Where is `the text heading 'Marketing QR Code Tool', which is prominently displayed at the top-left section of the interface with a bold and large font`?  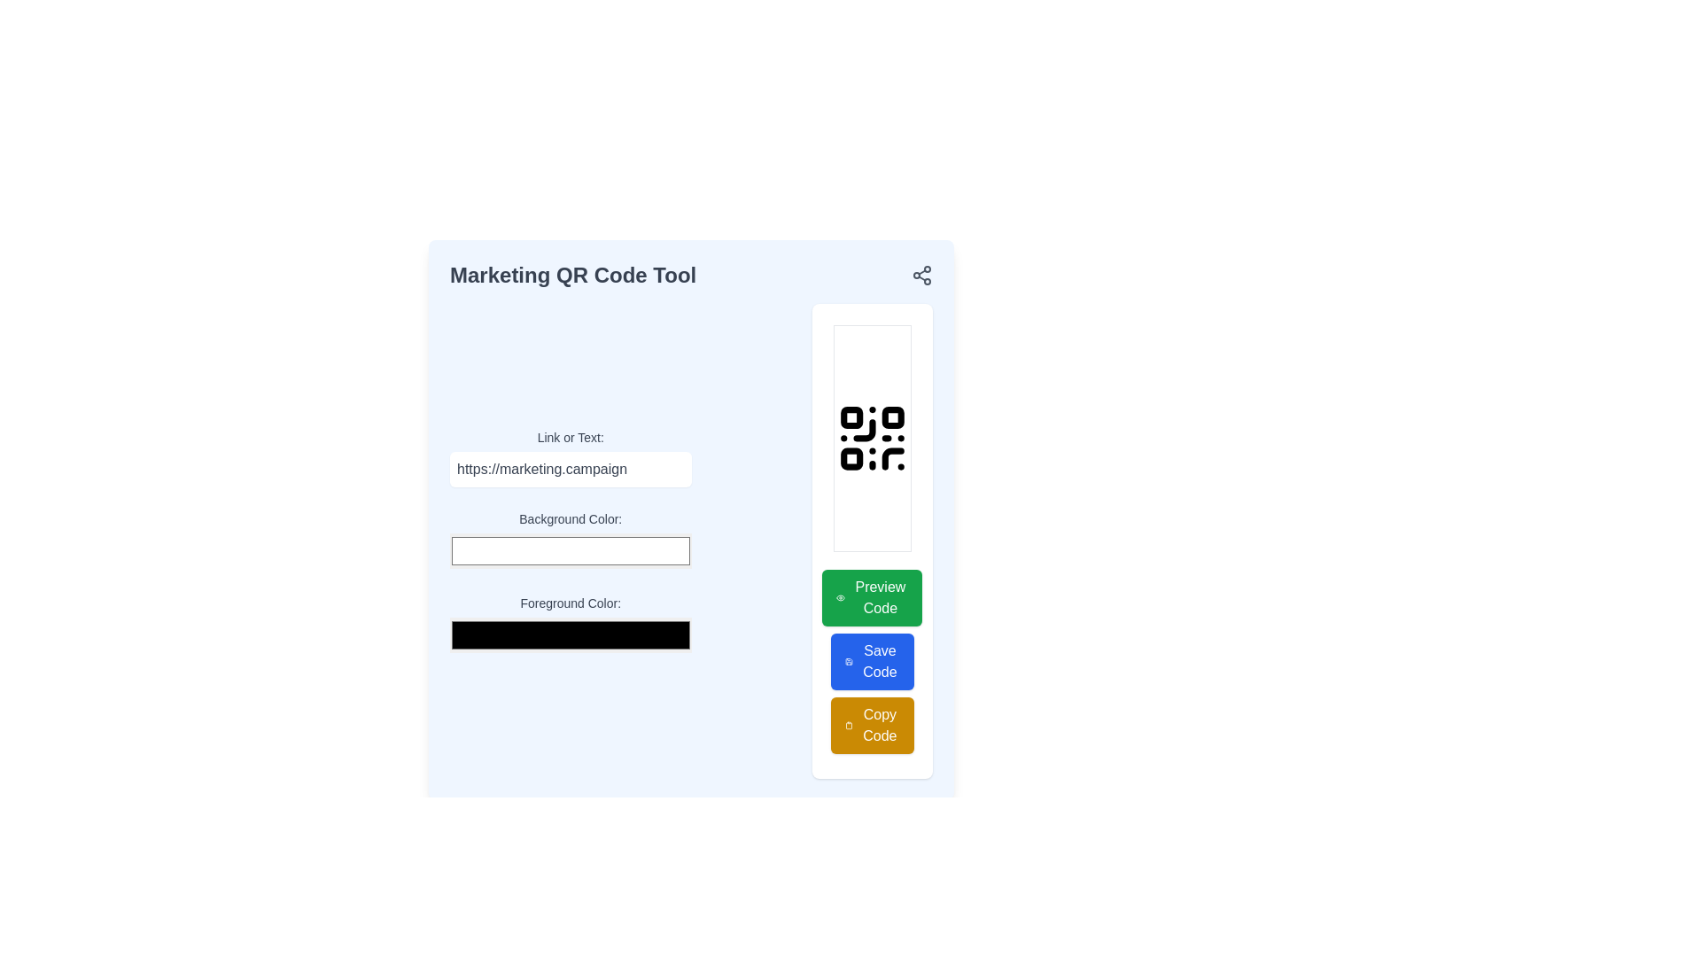
the text heading 'Marketing QR Code Tool', which is prominently displayed at the top-left section of the interface with a bold and large font is located at coordinates (573, 276).